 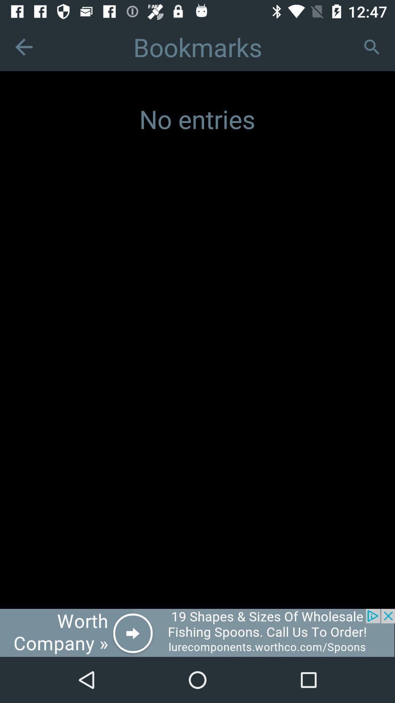 What do you see at coordinates (197, 632) in the screenshot?
I see `open advertisement` at bounding box center [197, 632].